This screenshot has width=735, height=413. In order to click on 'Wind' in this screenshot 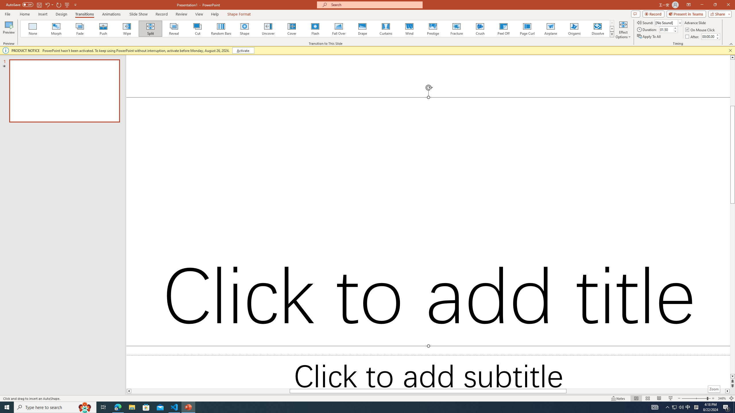, I will do `click(409, 28)`.